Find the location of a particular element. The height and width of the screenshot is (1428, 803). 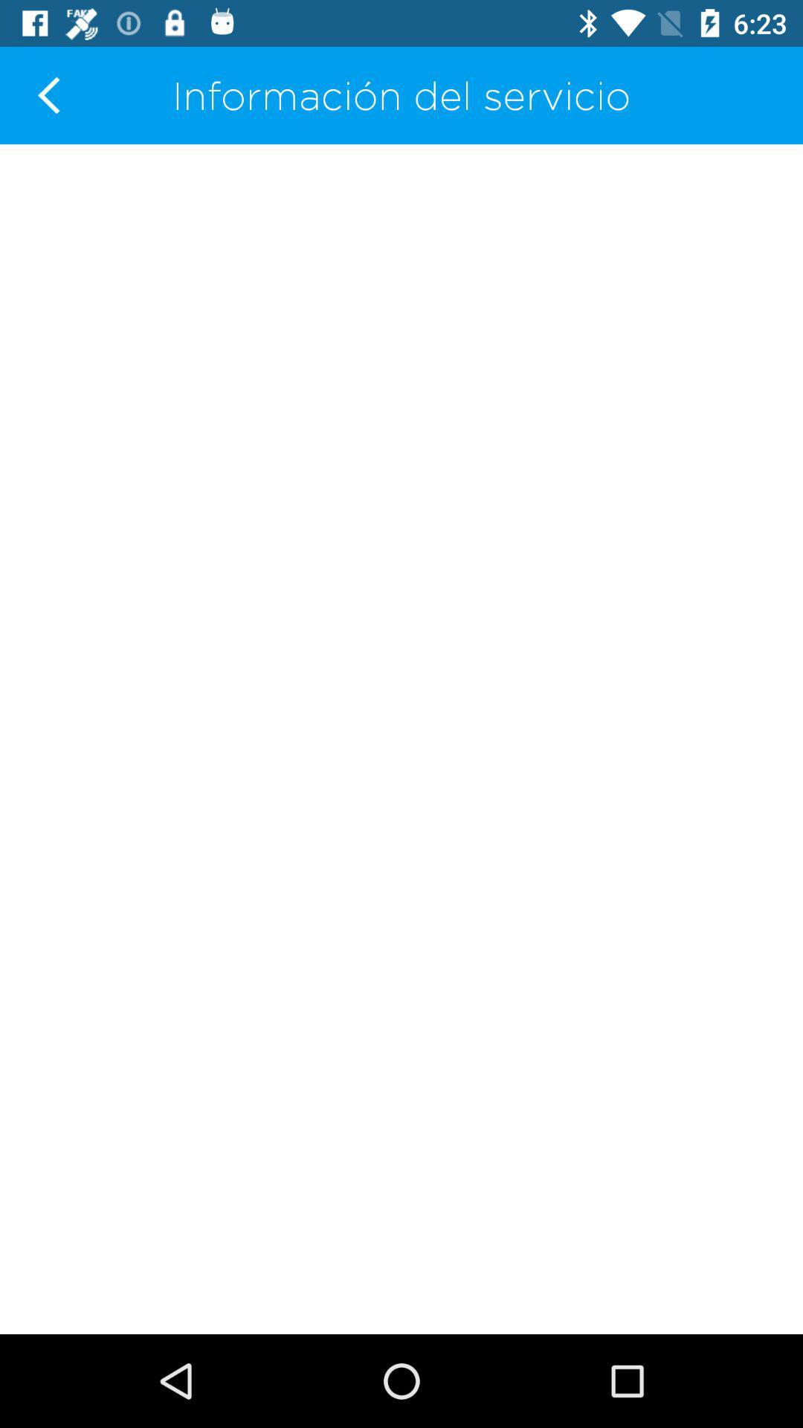

the arrow_backward icon is located at coordinates (48, 94).